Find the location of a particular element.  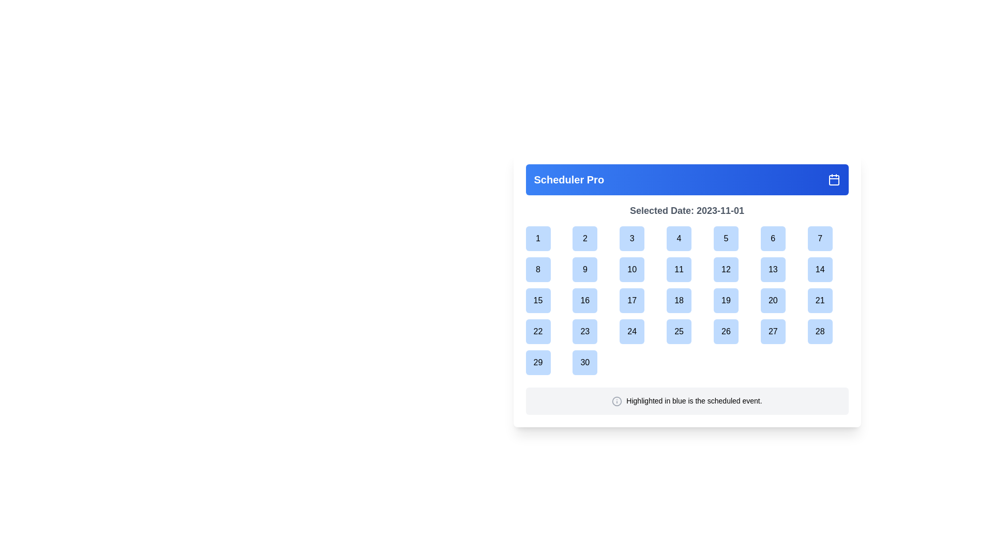

the blue square button with rounded corners labeled '3' is located at coordinates (639, 239).